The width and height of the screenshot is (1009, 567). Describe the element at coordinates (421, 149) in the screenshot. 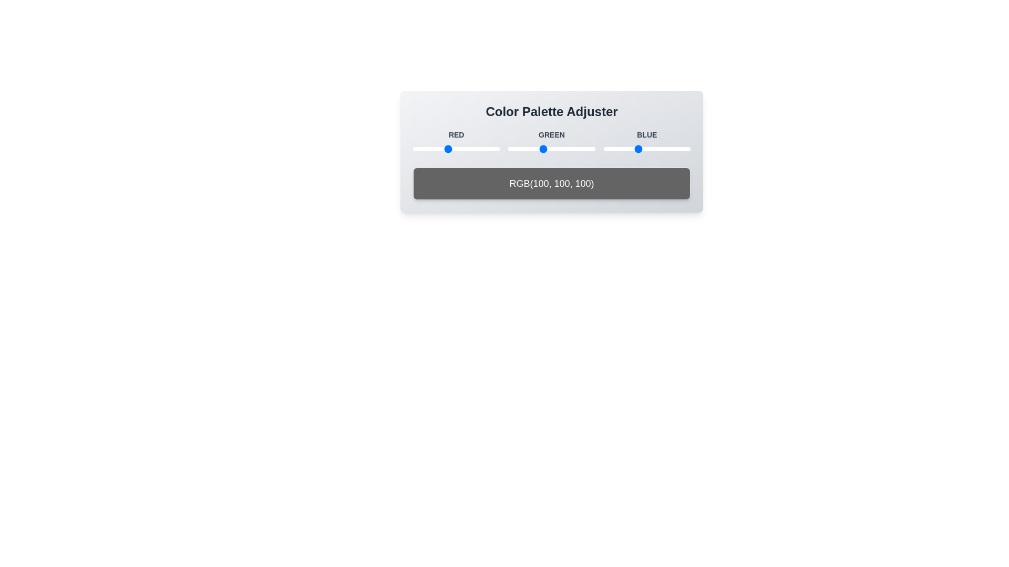

I see `the 1 slider to 24` at that location.